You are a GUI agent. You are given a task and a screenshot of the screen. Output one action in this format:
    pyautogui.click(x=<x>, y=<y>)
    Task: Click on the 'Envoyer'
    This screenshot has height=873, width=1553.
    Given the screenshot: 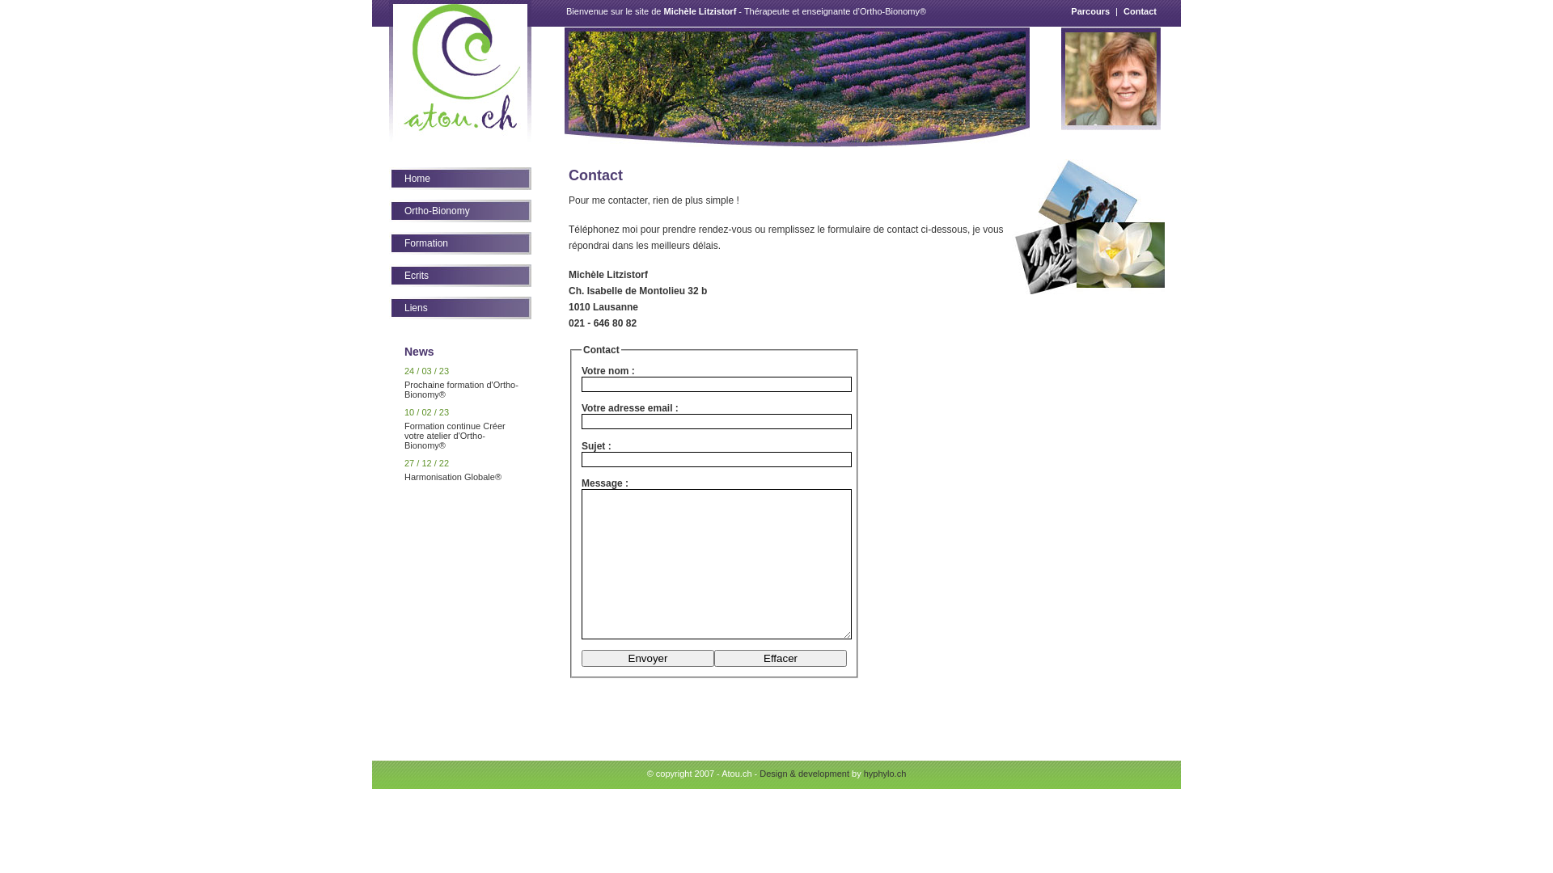 What is the action you would take?
    pyautogui.click(x=648, y=658)
    